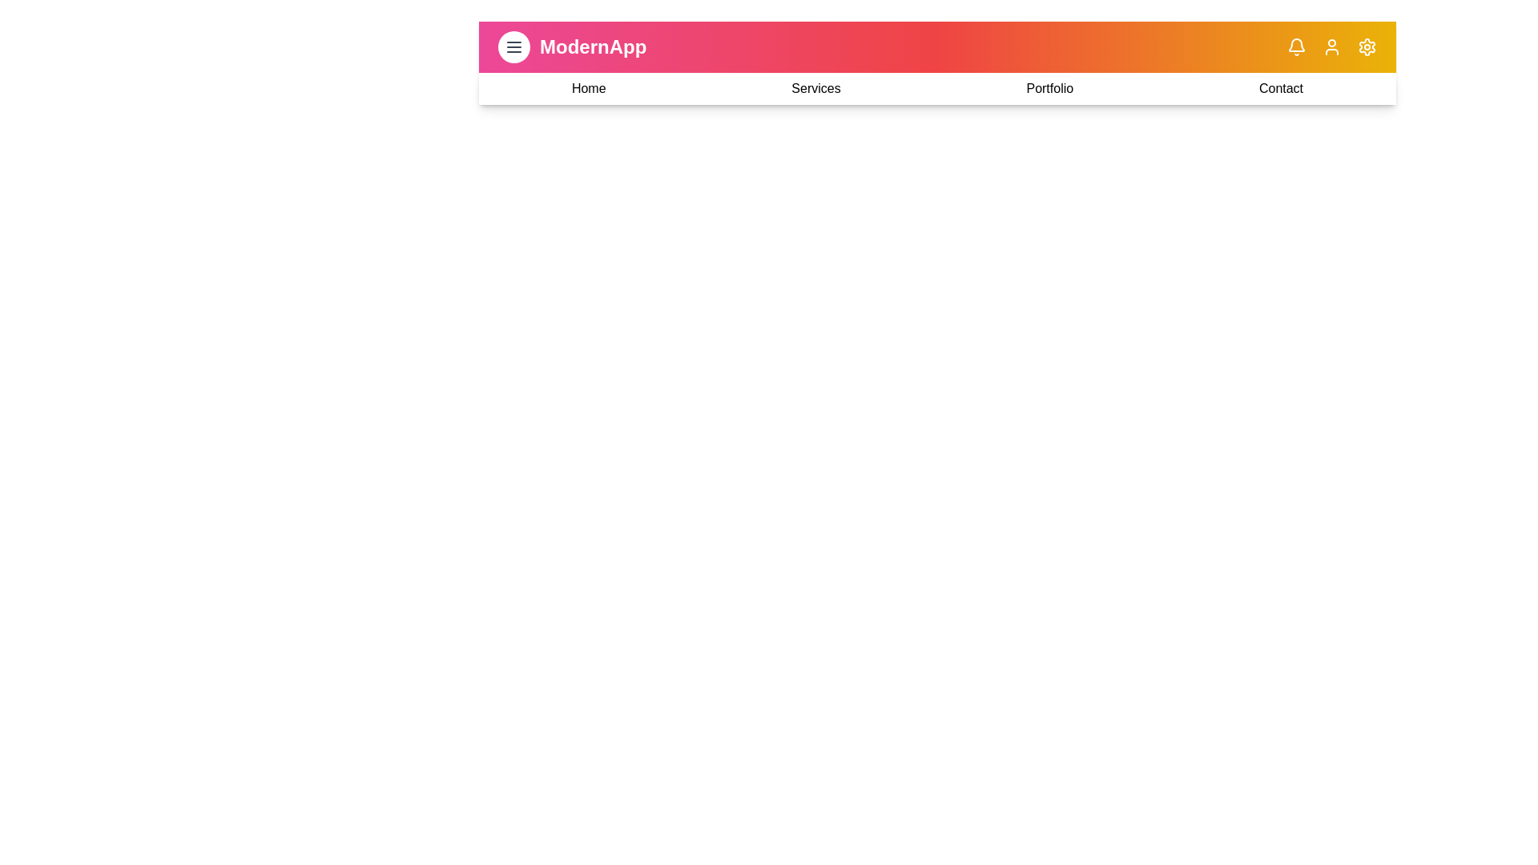 The height and width of the screenshot is (865, 1538). Describe the element at coordinates (1049, 89) in the screenshot. I see `the navigation link to navigate to the Portfolio section` at that location.